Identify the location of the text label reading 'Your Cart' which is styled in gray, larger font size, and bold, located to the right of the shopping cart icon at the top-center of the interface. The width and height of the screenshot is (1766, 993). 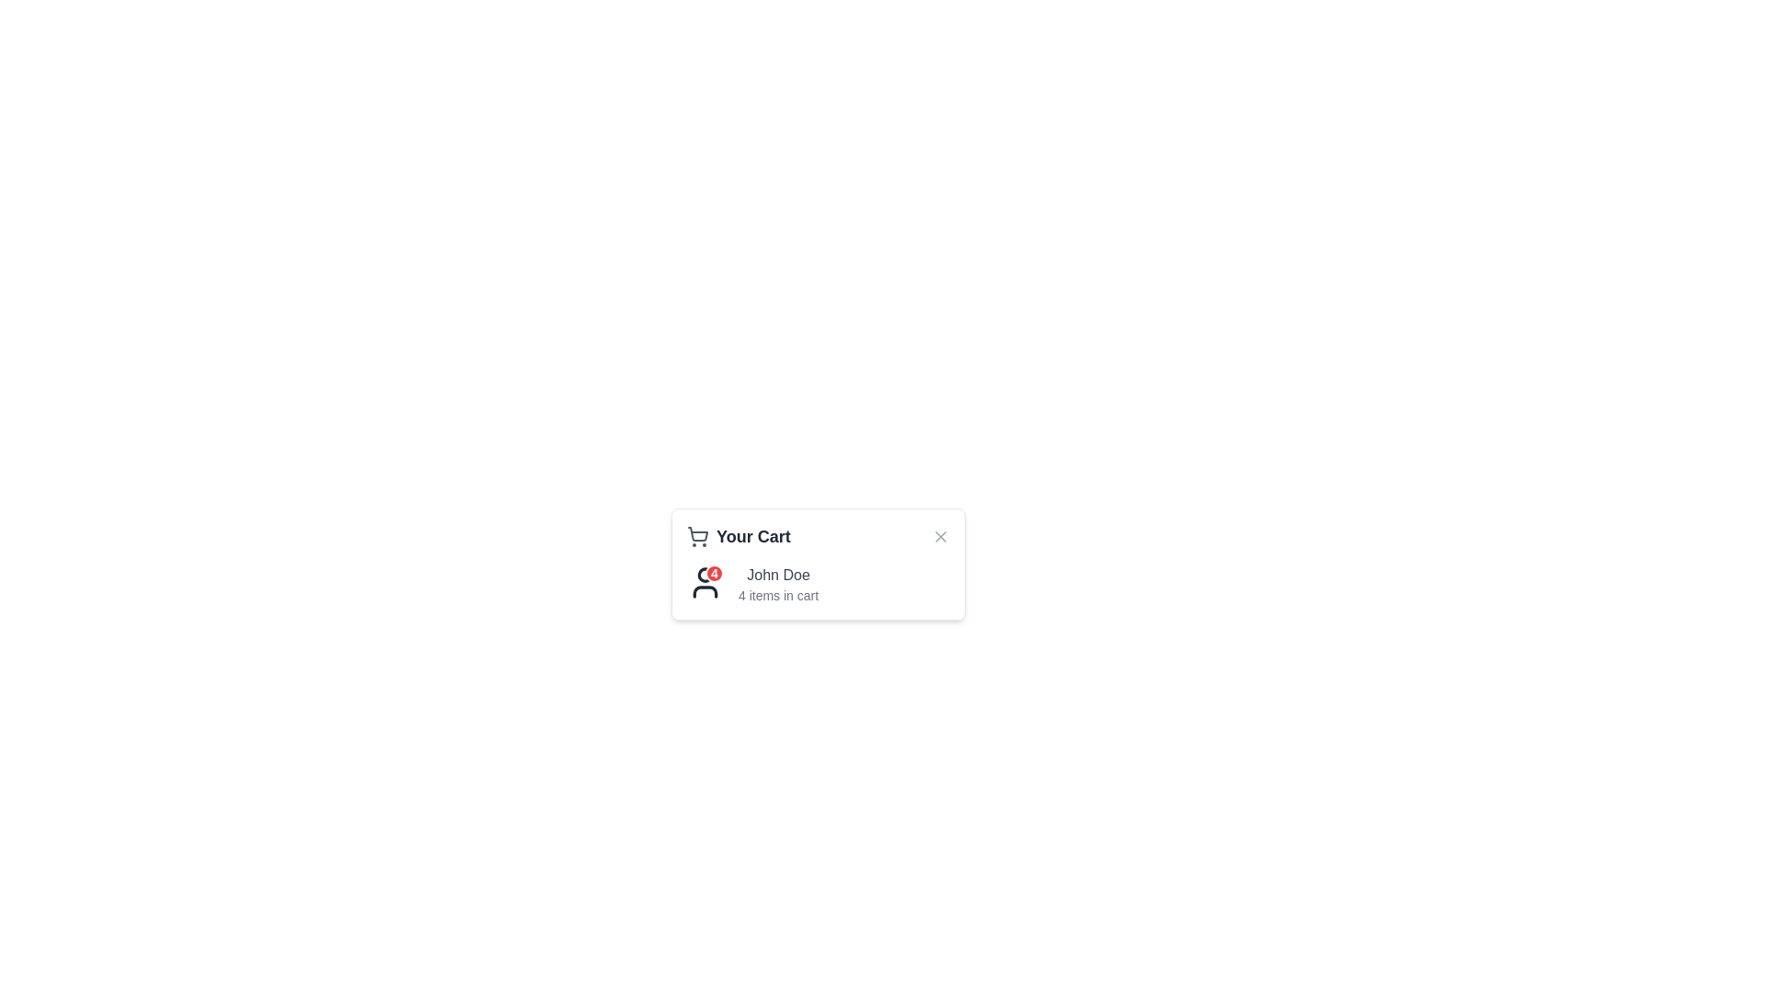
(753, 536).